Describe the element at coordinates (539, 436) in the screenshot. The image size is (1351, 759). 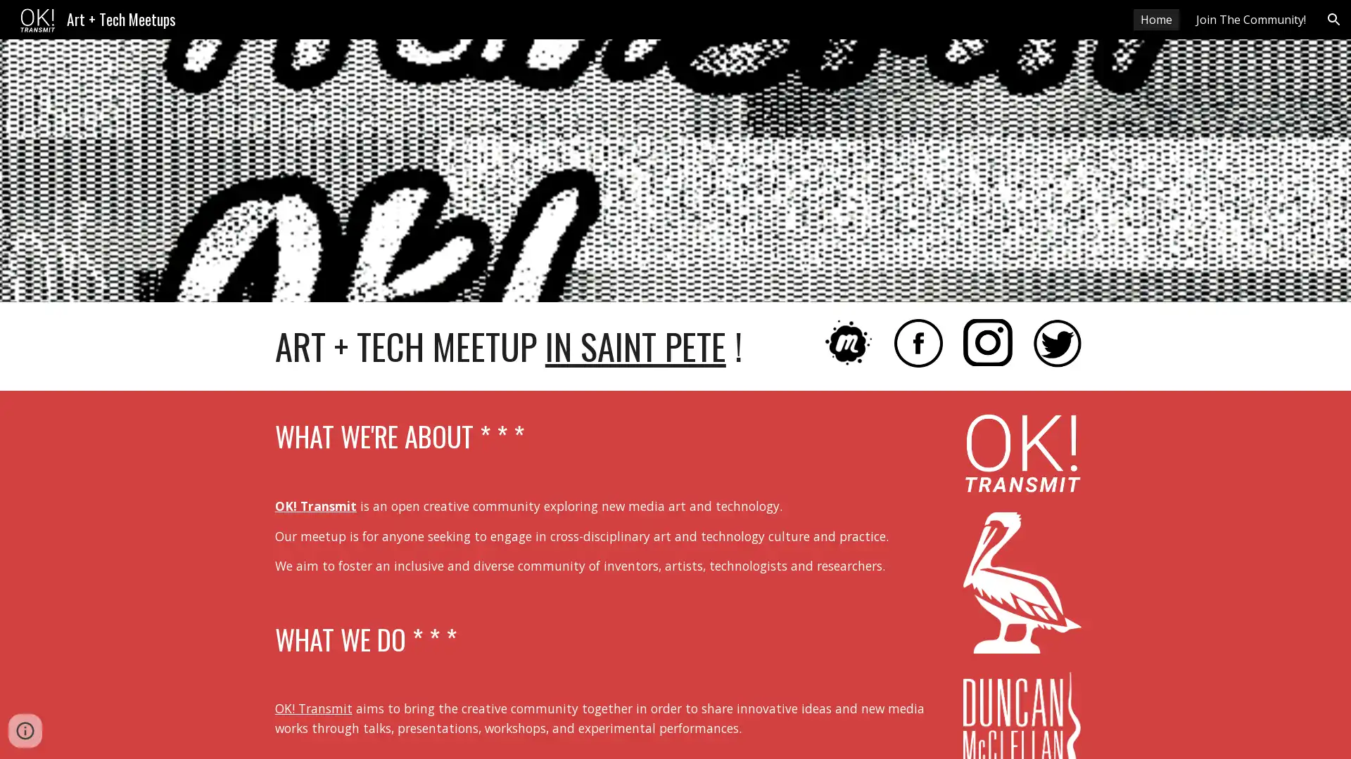
I see `Copy heading link` at that location.